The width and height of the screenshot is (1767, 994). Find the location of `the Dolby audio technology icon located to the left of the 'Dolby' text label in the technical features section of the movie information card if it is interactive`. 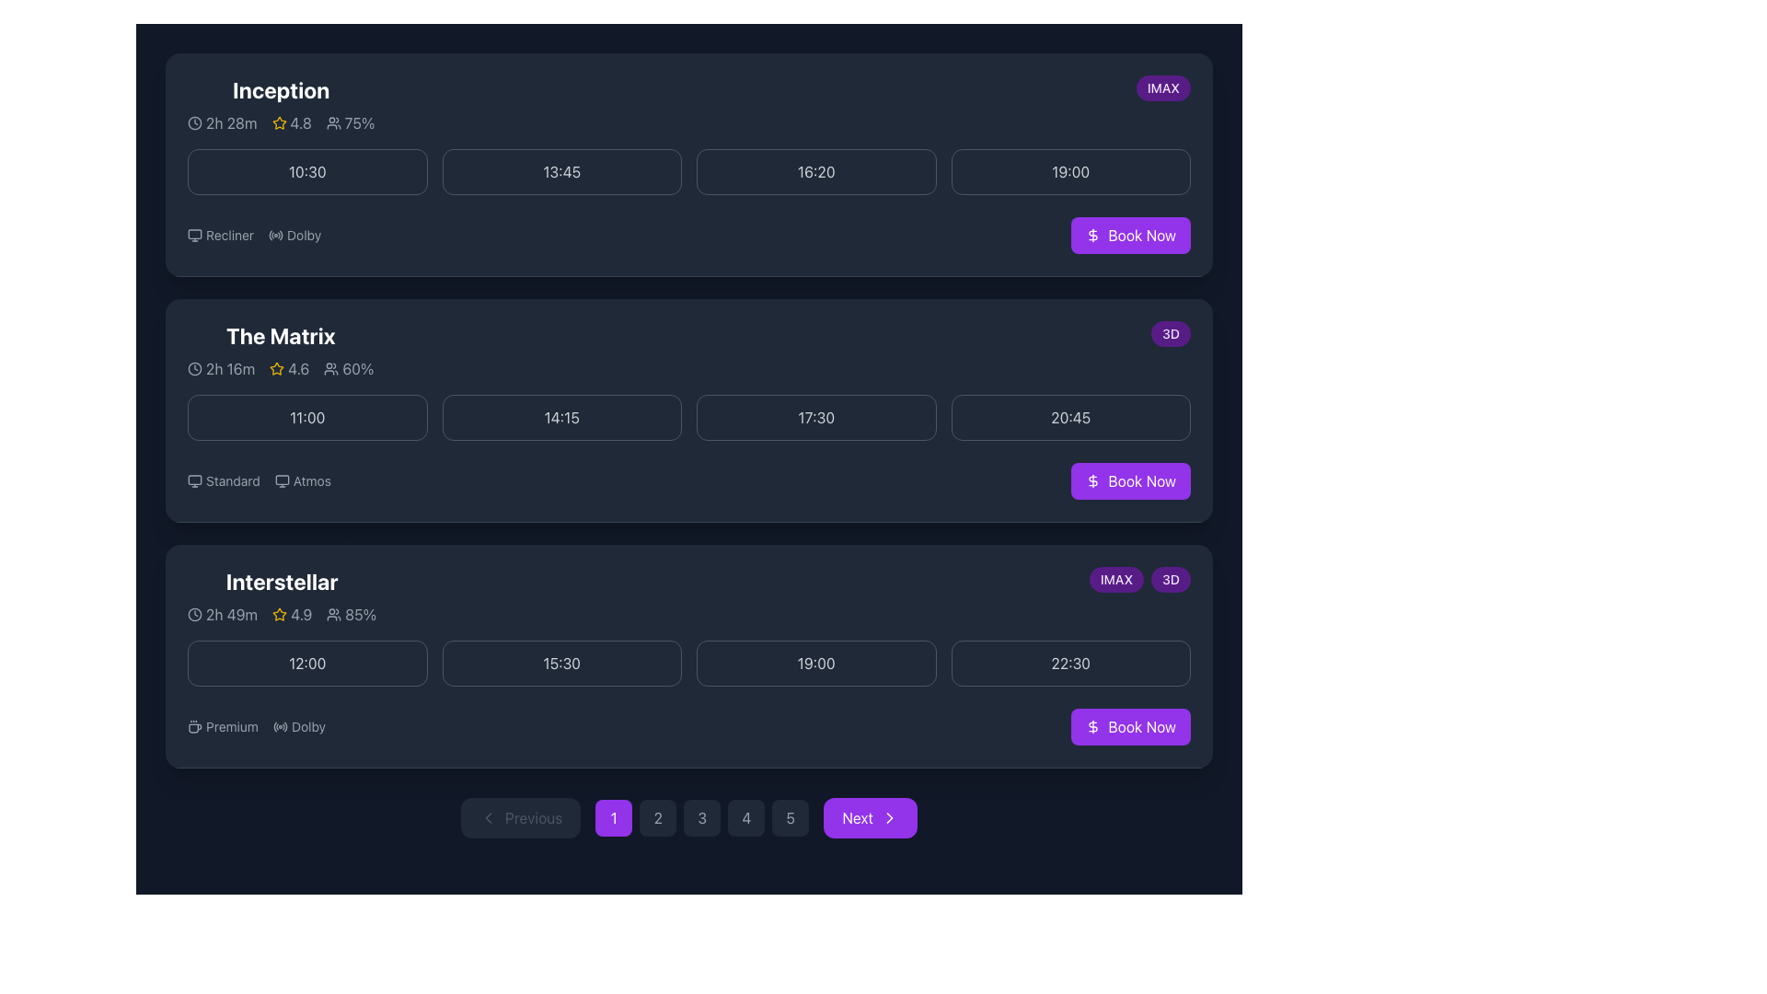

the Dolby audio technology icon located to the left of the 'Dolby' text label in the technical features section of the movie information card if it is interactive is located at coordinates (279, 726).